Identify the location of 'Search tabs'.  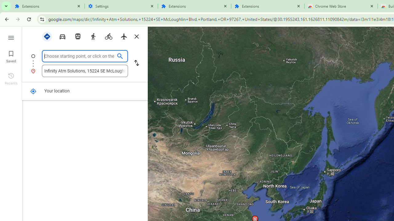
(6, 6).